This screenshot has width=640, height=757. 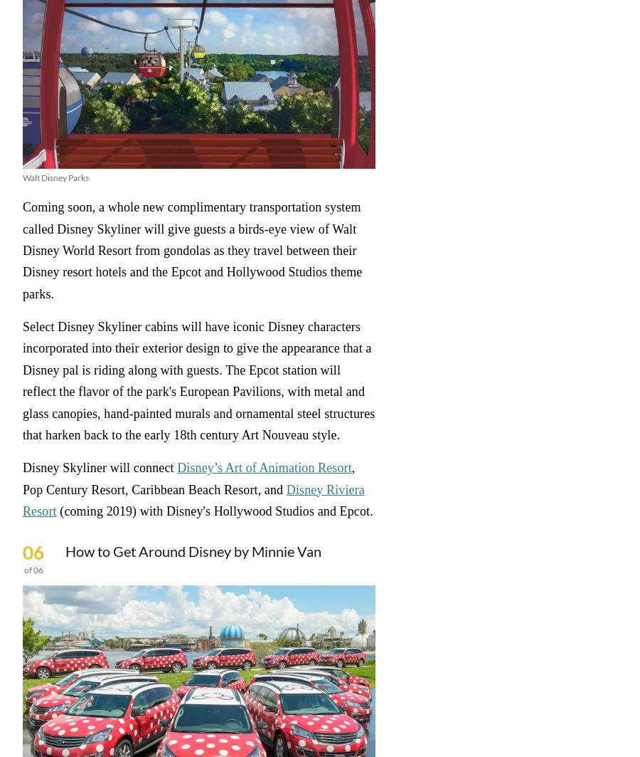 What do you see at coordinates (100, 467) in the screenshot?
I see `'Disney Skyliner will connect'` at bounding box center [100, 467].